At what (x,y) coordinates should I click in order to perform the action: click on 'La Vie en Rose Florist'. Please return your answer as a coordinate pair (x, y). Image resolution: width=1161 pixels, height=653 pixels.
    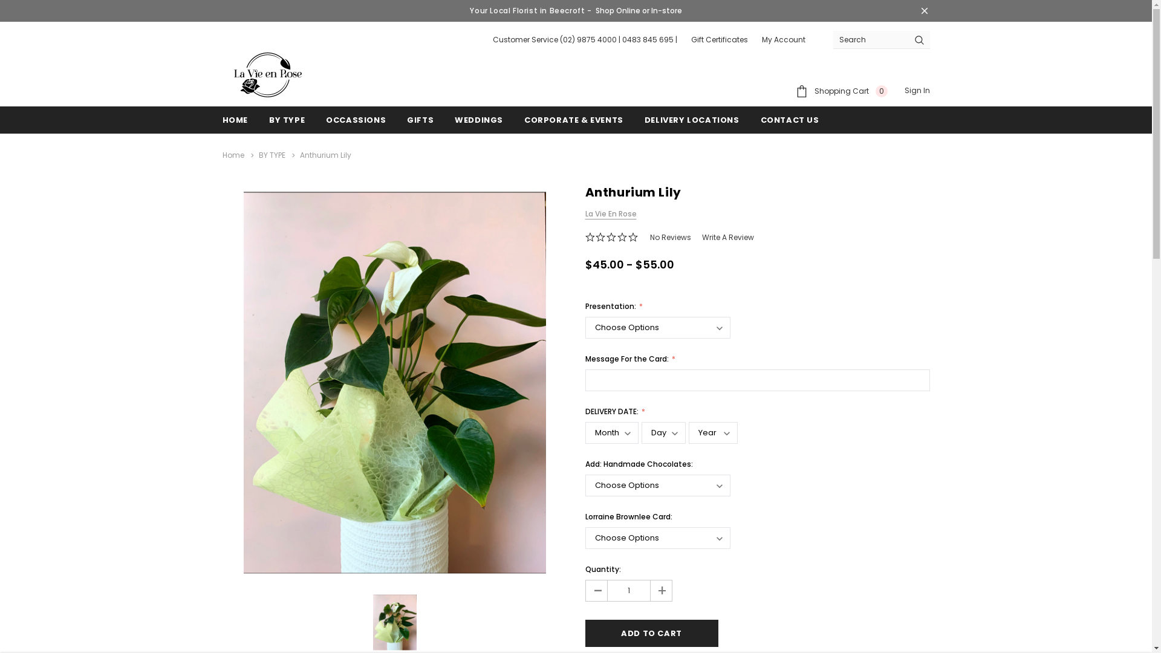
    Looking at the image, I should click on (267, 74).